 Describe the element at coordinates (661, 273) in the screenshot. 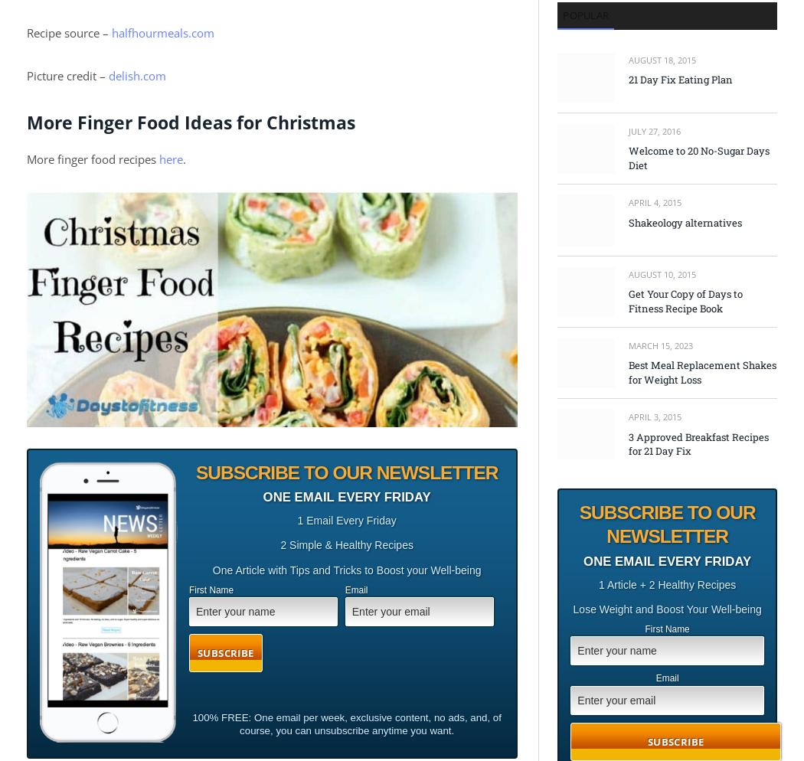

I see `'August 10, 2015'` at that location.